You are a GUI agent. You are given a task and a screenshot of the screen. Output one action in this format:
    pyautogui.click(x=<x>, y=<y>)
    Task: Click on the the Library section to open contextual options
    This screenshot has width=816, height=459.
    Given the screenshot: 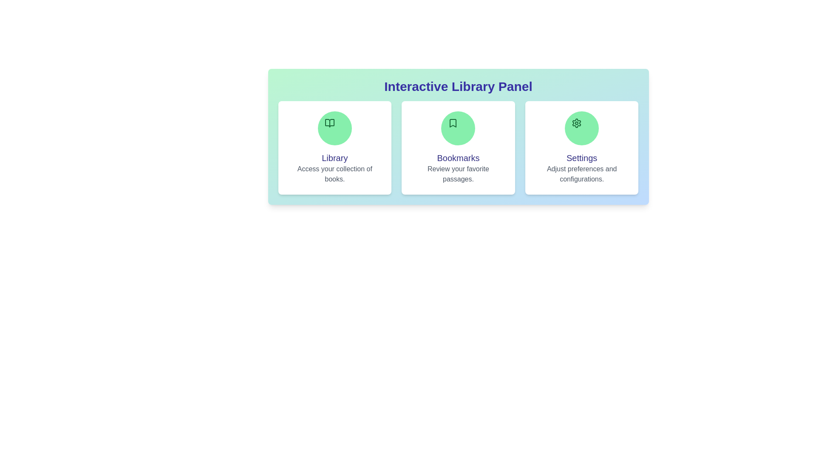 What is the action you would take?
    pyautogui.click(x=334, y=147)
    